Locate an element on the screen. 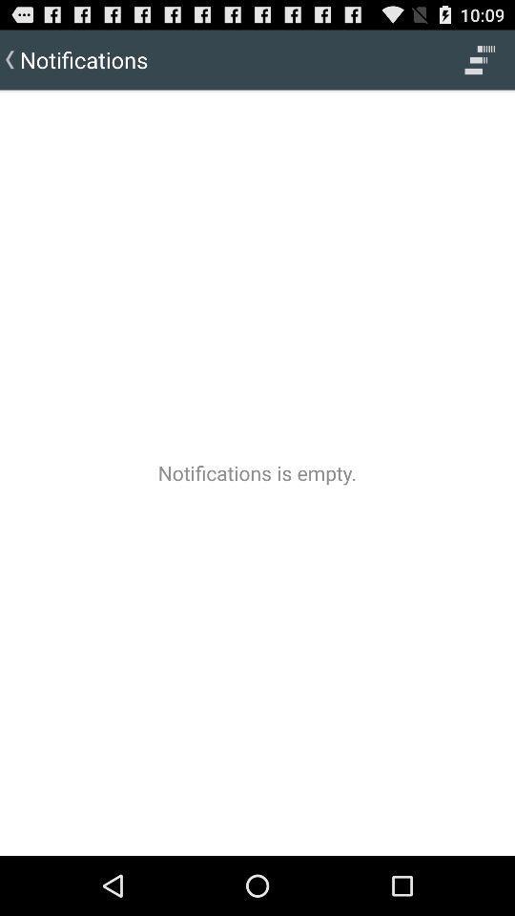 The height and width of the screenshot is (916, 515). the icon to the right of notifications app is located at coordinates (479, 59).